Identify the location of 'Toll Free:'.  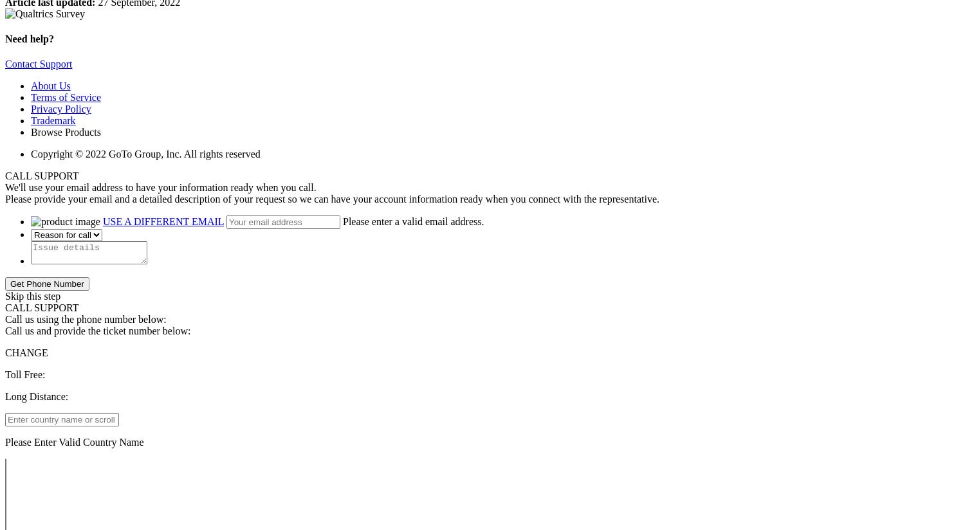
(5, 374).